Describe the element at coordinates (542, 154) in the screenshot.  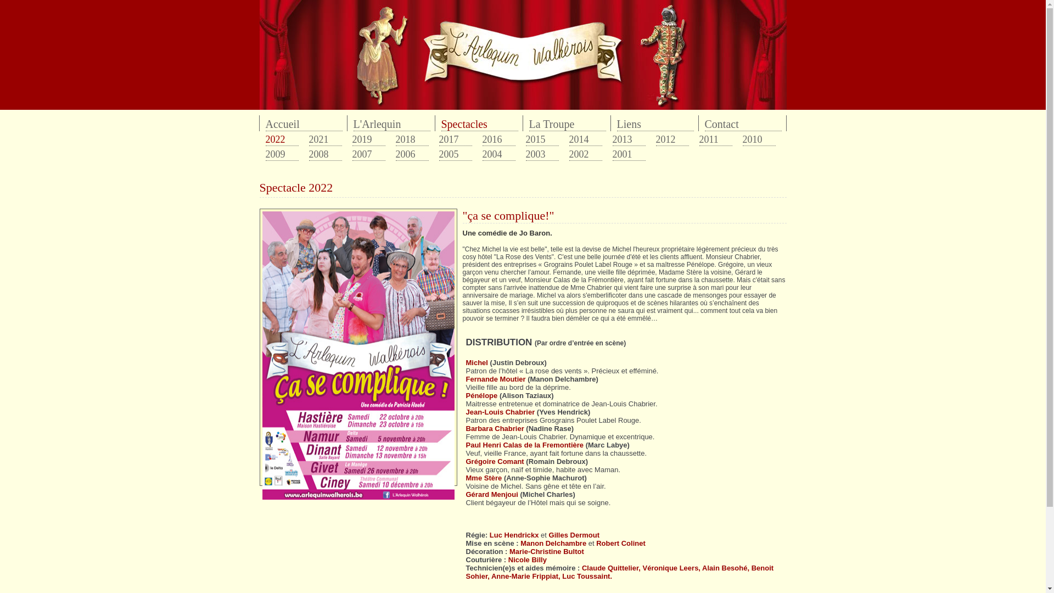
I see `'2003'` at that location.